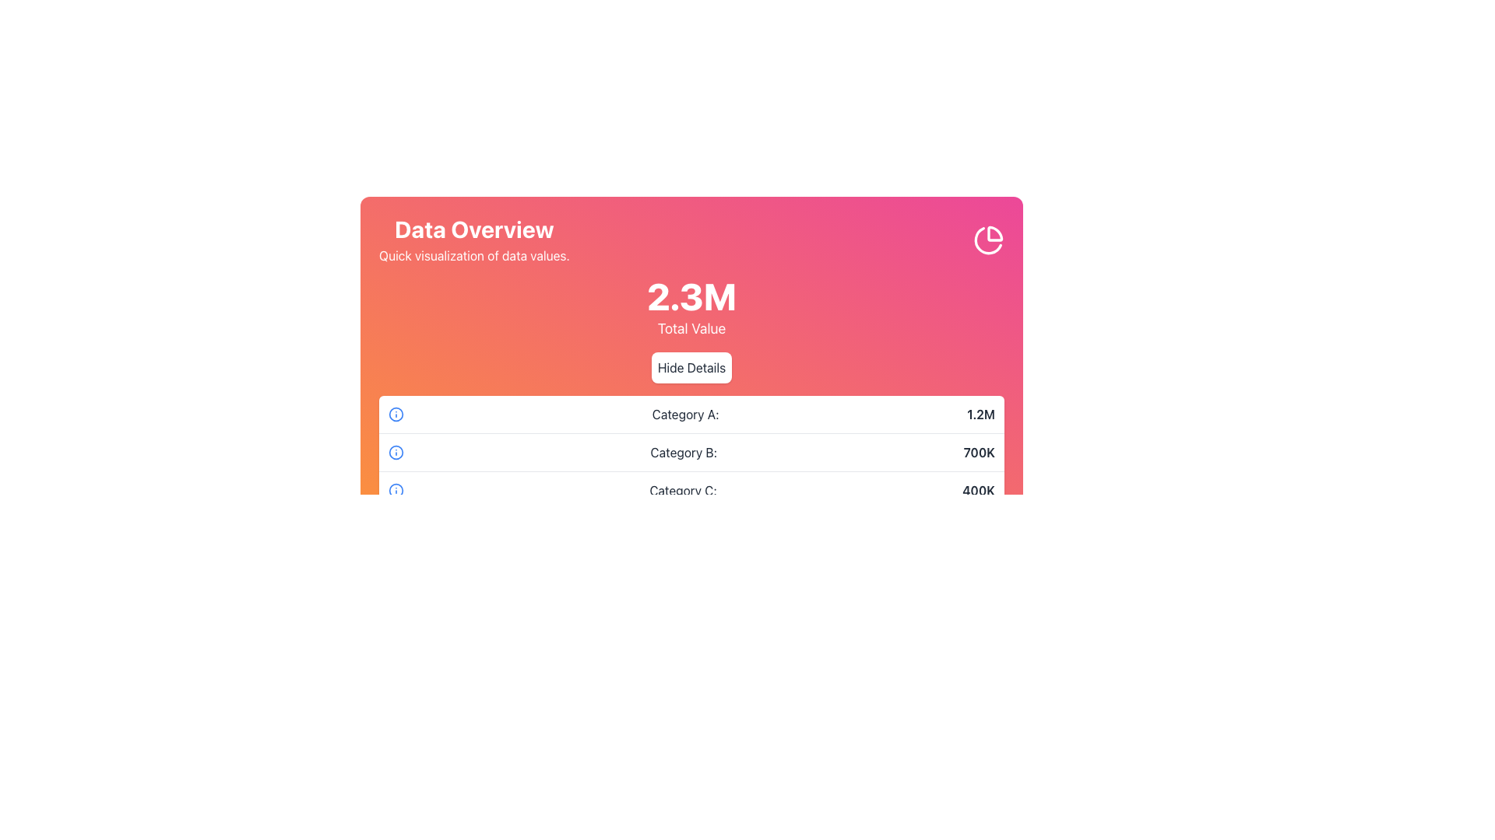 The height and width of the screenshot is (840, 1495). What do you see at coordinates (978, 491) in the screenshot?
I see `the static text displaying the numerical value '400K', which is located to the far right of the row labeled 'Category C:' in a data summary layout` at bounding box center [978, 491].